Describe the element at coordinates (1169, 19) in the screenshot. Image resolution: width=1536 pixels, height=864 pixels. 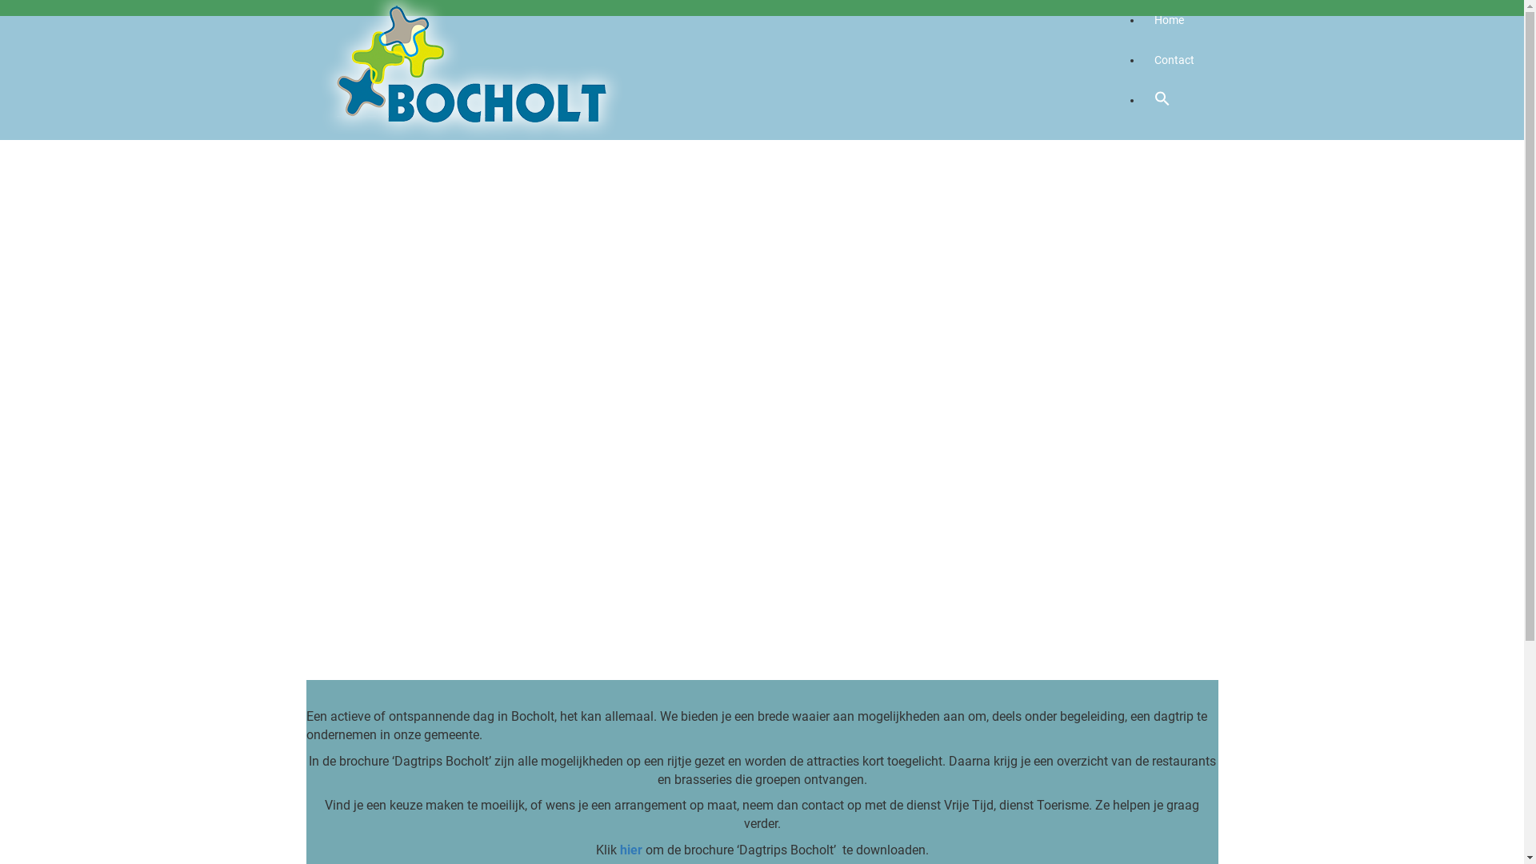
I see `'Home'` at that location.